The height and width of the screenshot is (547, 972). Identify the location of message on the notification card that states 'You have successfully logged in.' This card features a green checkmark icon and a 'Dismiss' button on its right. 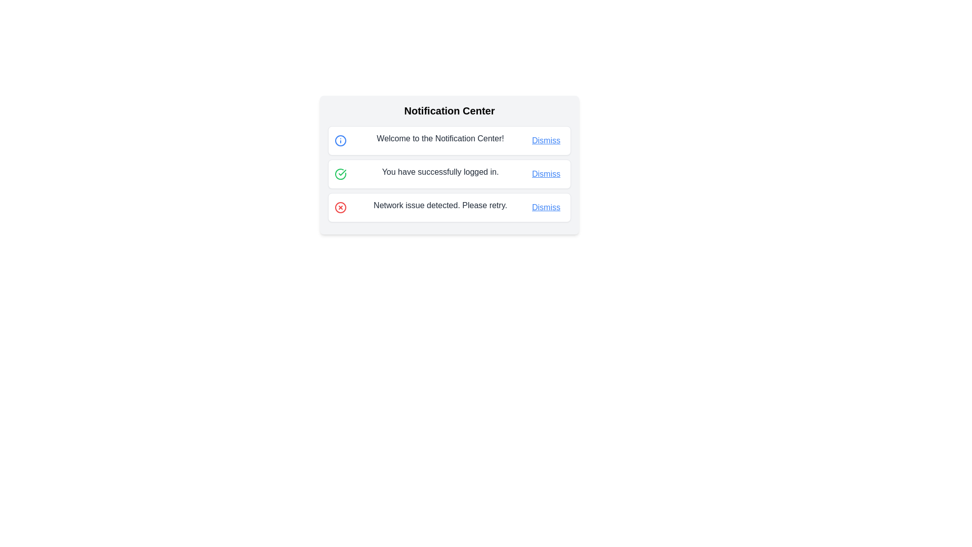
(449, 173).